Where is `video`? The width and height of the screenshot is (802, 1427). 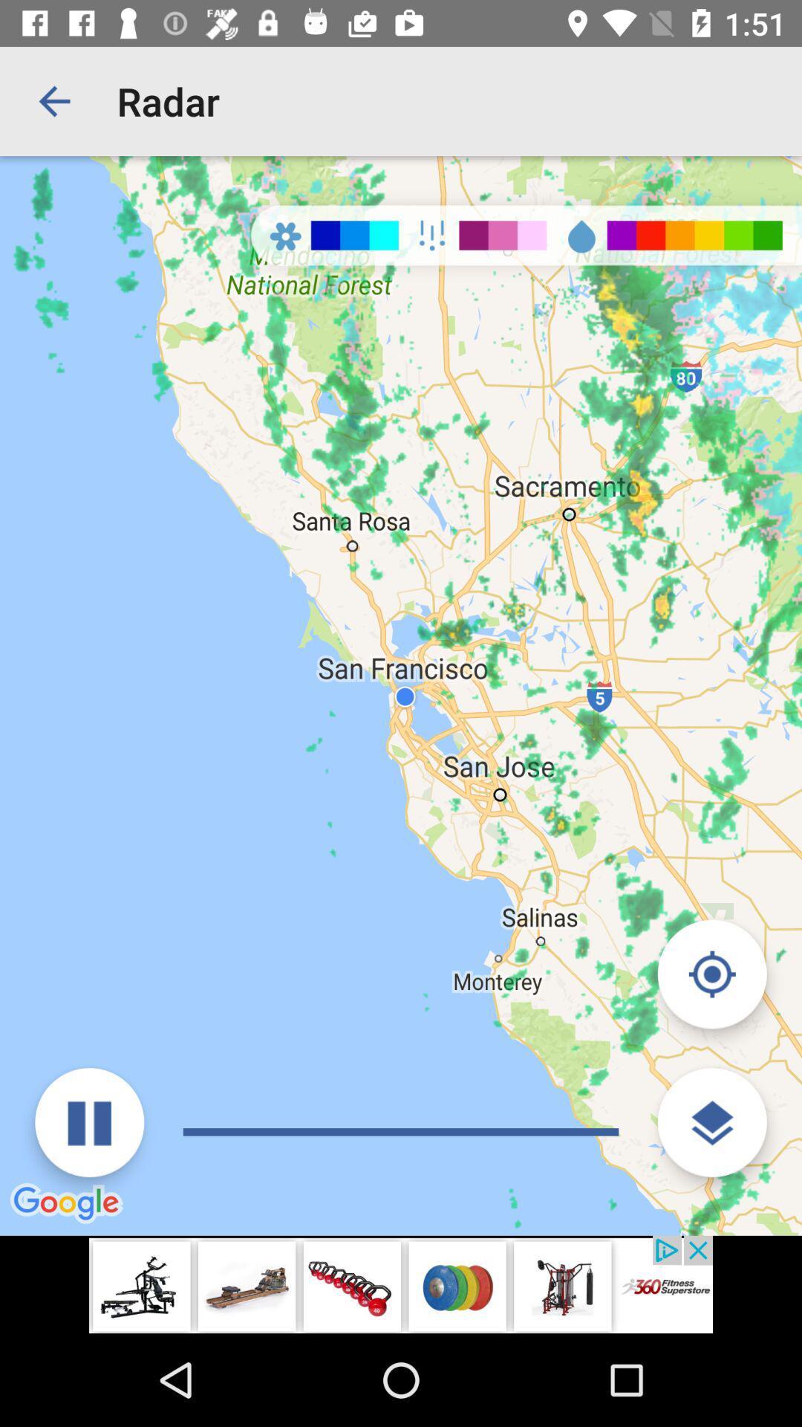 video is located at coordinates (89, 1122).